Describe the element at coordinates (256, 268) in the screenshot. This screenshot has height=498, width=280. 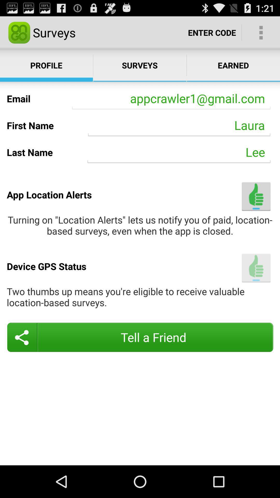
I see `device gps option` at that location.